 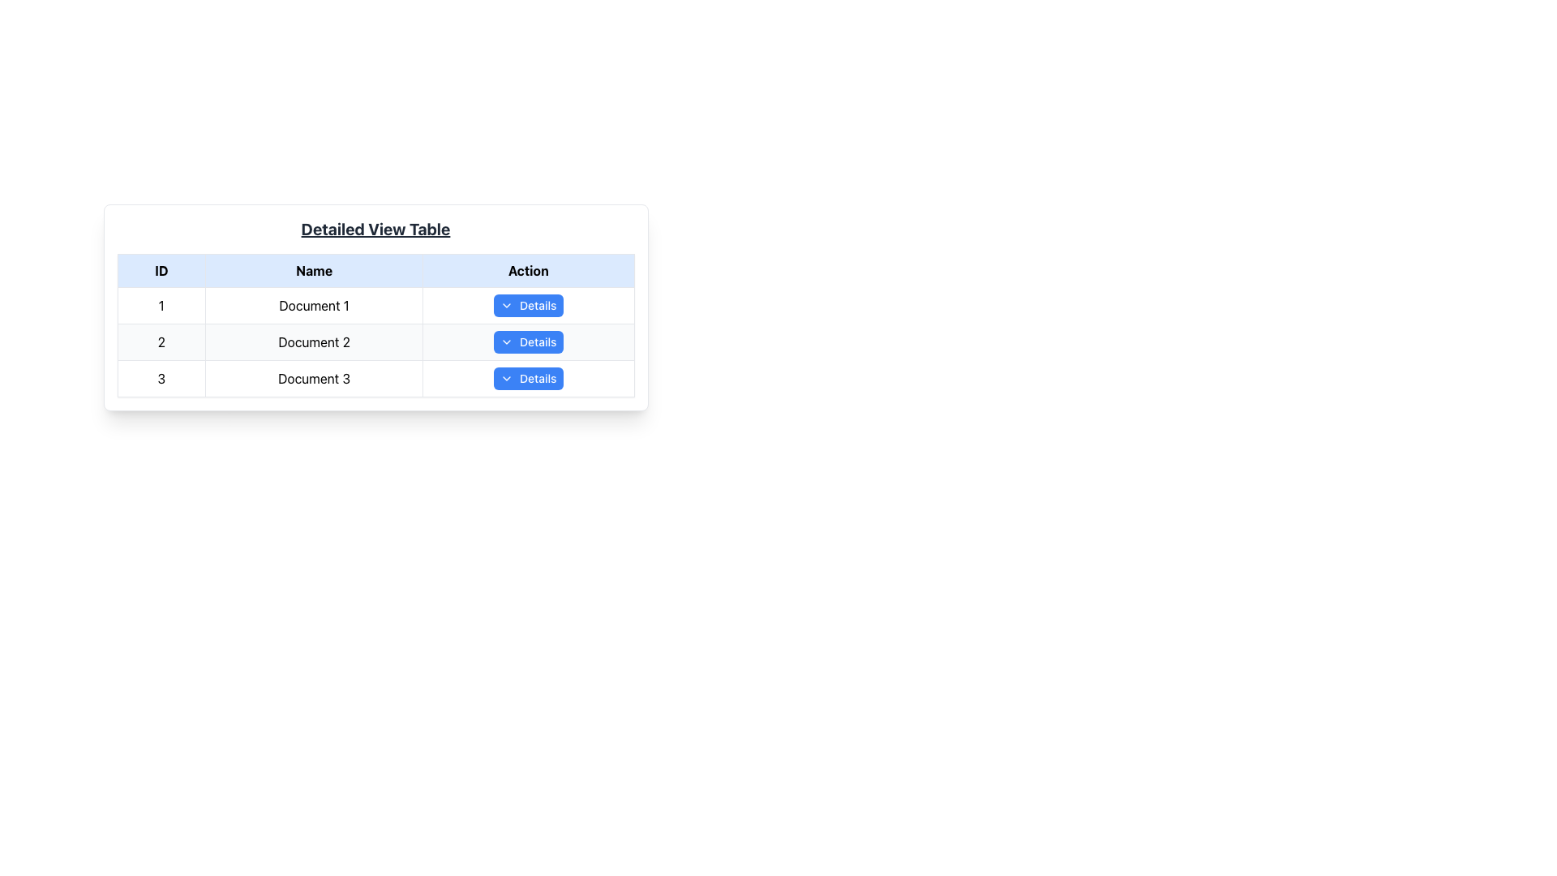 I want to click on the blue 'Details' button with rounded corners located in the 'Action' column of the table, specifically in the second row, so click(x=528, y=341).